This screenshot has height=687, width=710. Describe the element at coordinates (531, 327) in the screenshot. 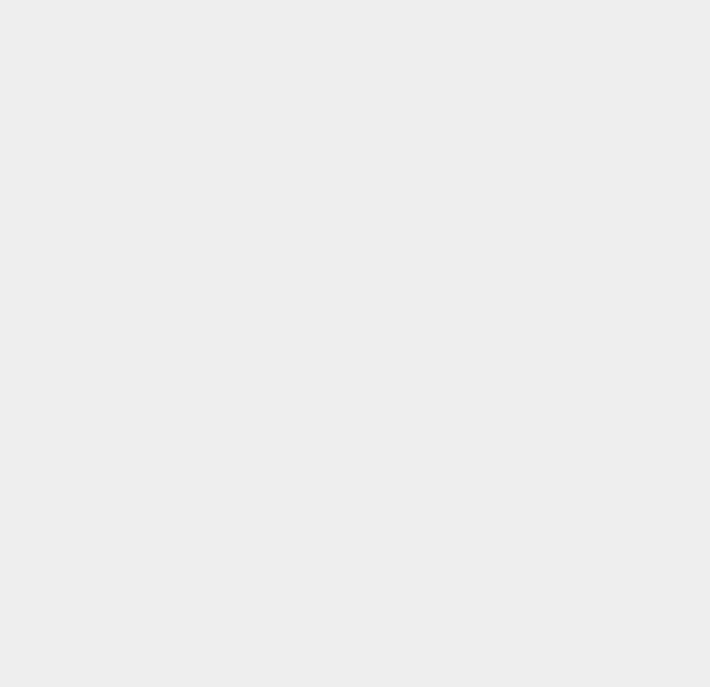

I see `'Mozilla Firefox'` at that location.